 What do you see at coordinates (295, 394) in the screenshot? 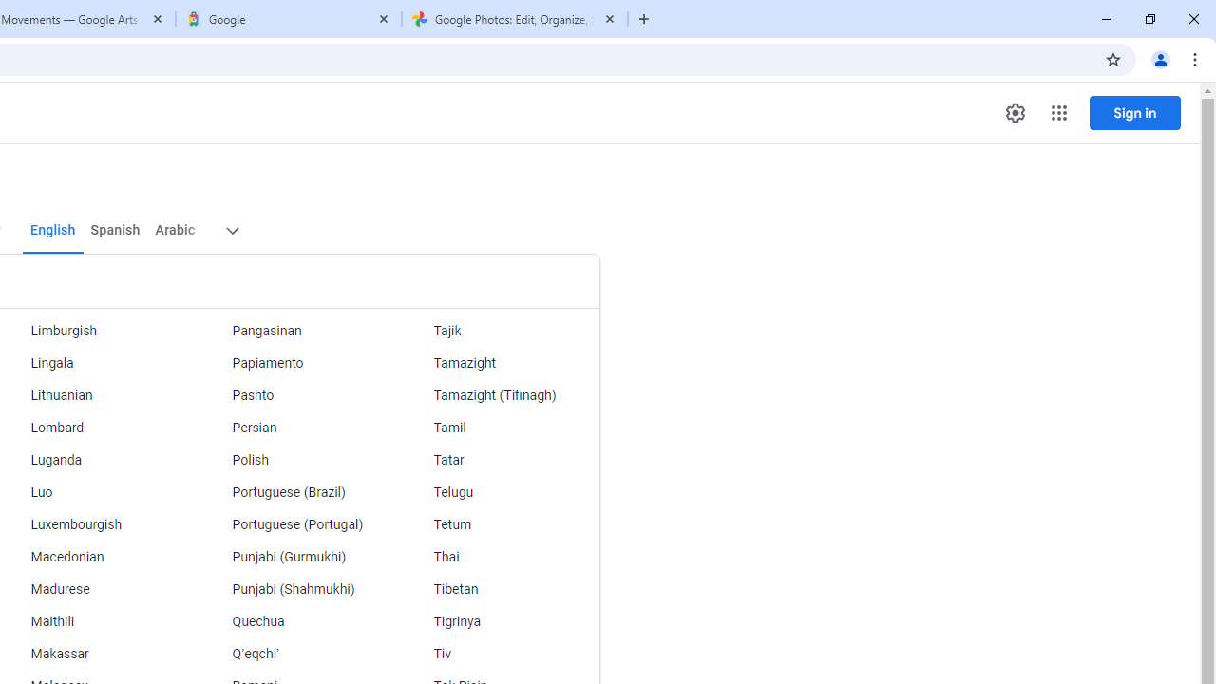
I see `'Pashto'` at bounding box center [295, 394].